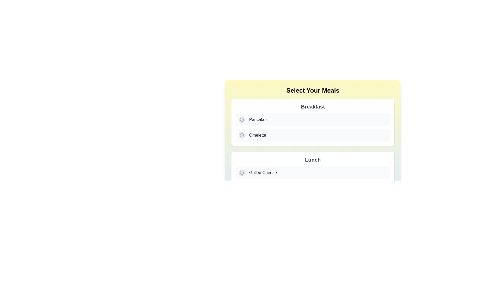 The image size is (501, 281). Describe the element at coordinates (241, 119) in the screenshot. I see `the 'Pancakes' radio button` at that location.